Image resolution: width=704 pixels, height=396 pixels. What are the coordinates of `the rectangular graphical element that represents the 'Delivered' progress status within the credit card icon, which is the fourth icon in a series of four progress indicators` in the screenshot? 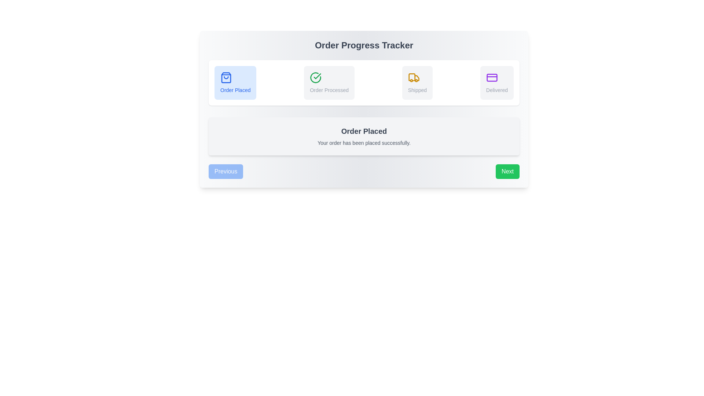 It's located at (492, 78).